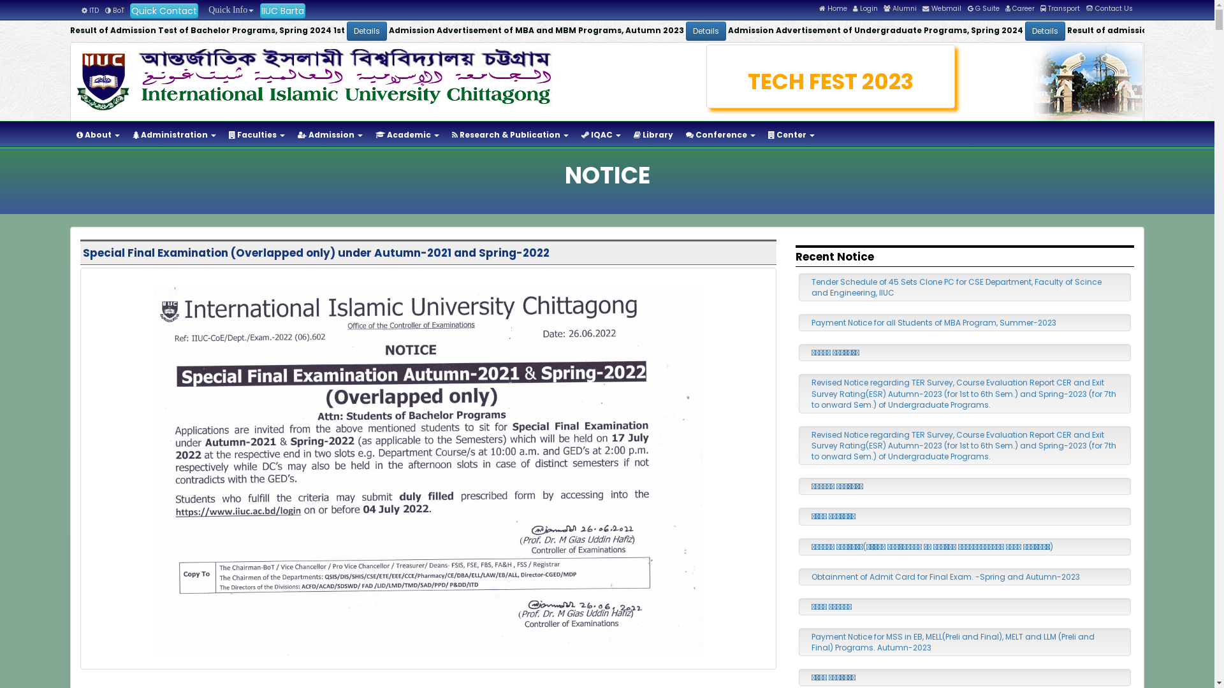 This screenshot has height=688, width=1224. Describe the element at coordinates (982, 8) in the screenshot. I see `'G Suite'` at that location.